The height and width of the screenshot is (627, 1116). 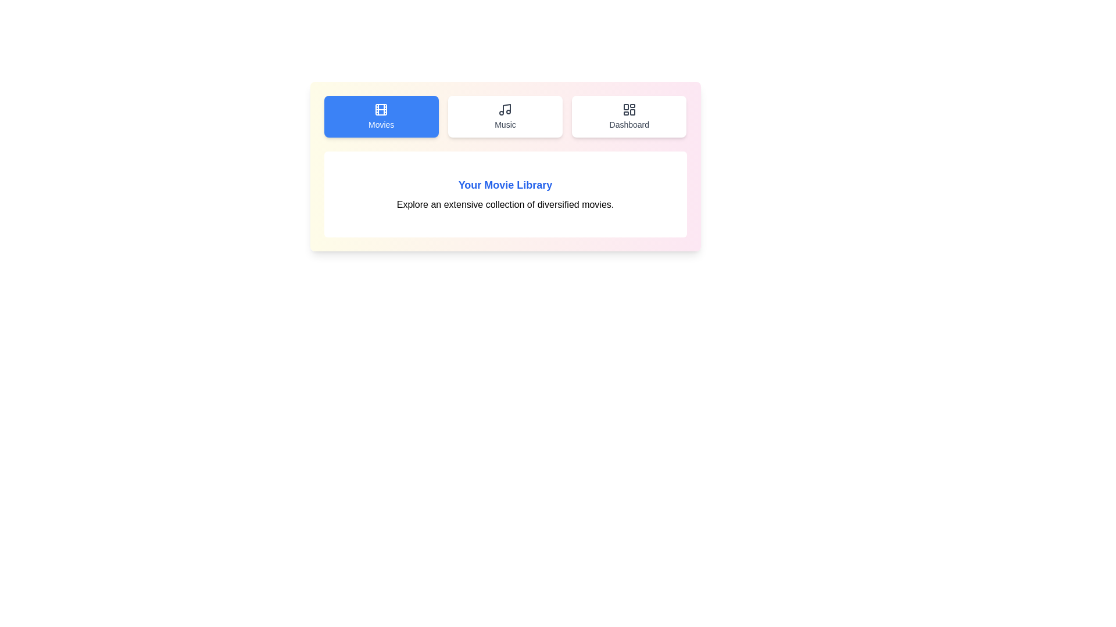 I want to click on the Music tab by clicking on its button, so click(x=505, y=116).